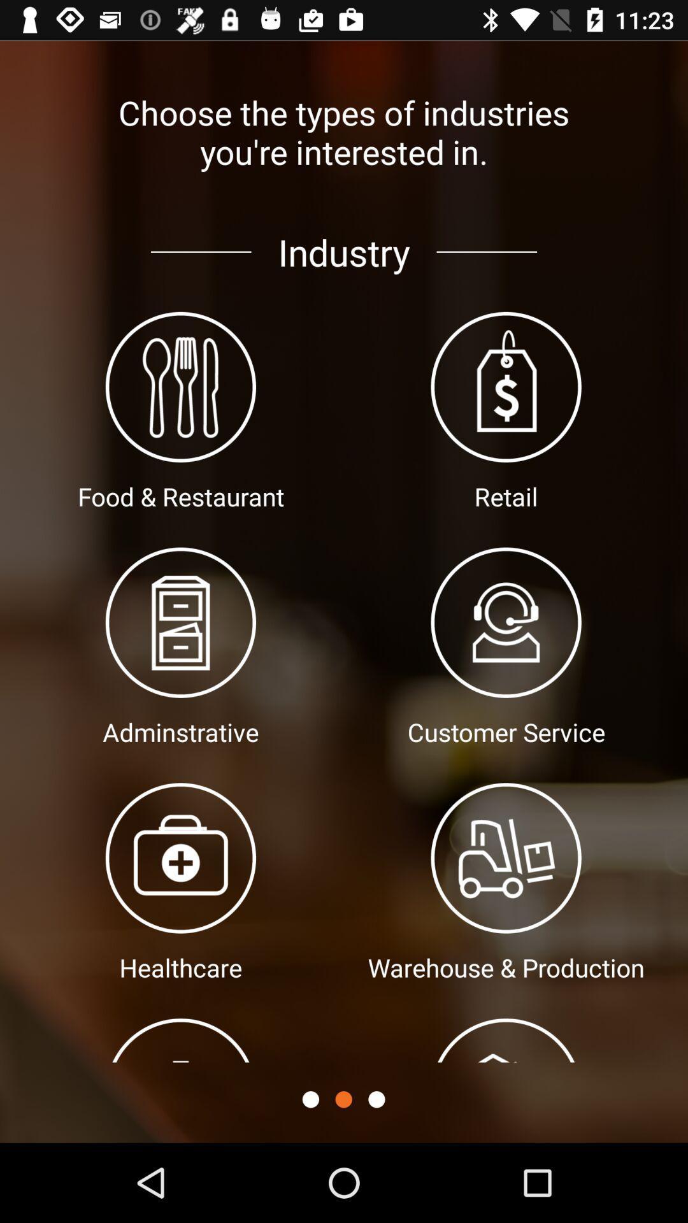 The height and width of the screenshot is (1223, 688). I want to click on swipe left, so click(376, 1099).